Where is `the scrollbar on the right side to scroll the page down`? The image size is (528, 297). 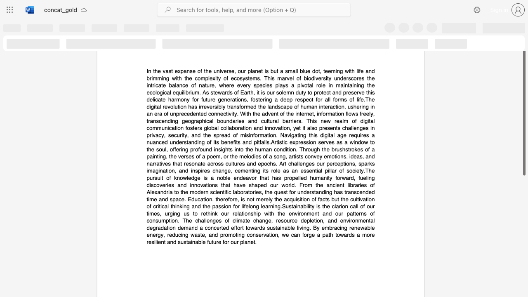 the scrollbar on the right side to scroll the page down is located at coordinates (523, 243).